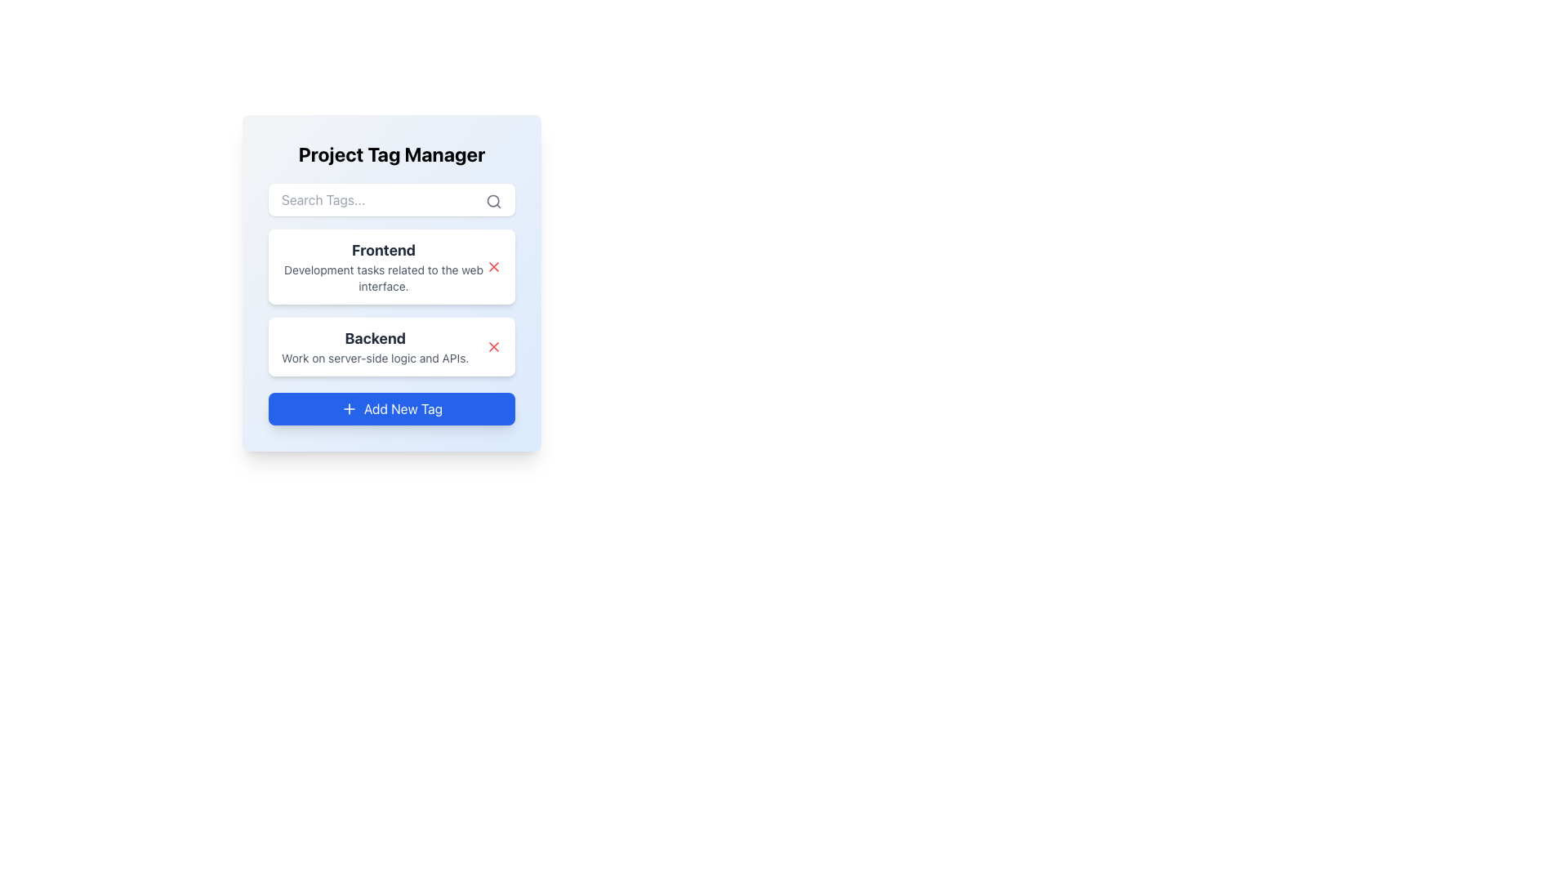 This screenshot has width=1568, height=882. I want to click on the delete icon button located in the top-right corner of the 'Frontend' section, so click(492, 345).